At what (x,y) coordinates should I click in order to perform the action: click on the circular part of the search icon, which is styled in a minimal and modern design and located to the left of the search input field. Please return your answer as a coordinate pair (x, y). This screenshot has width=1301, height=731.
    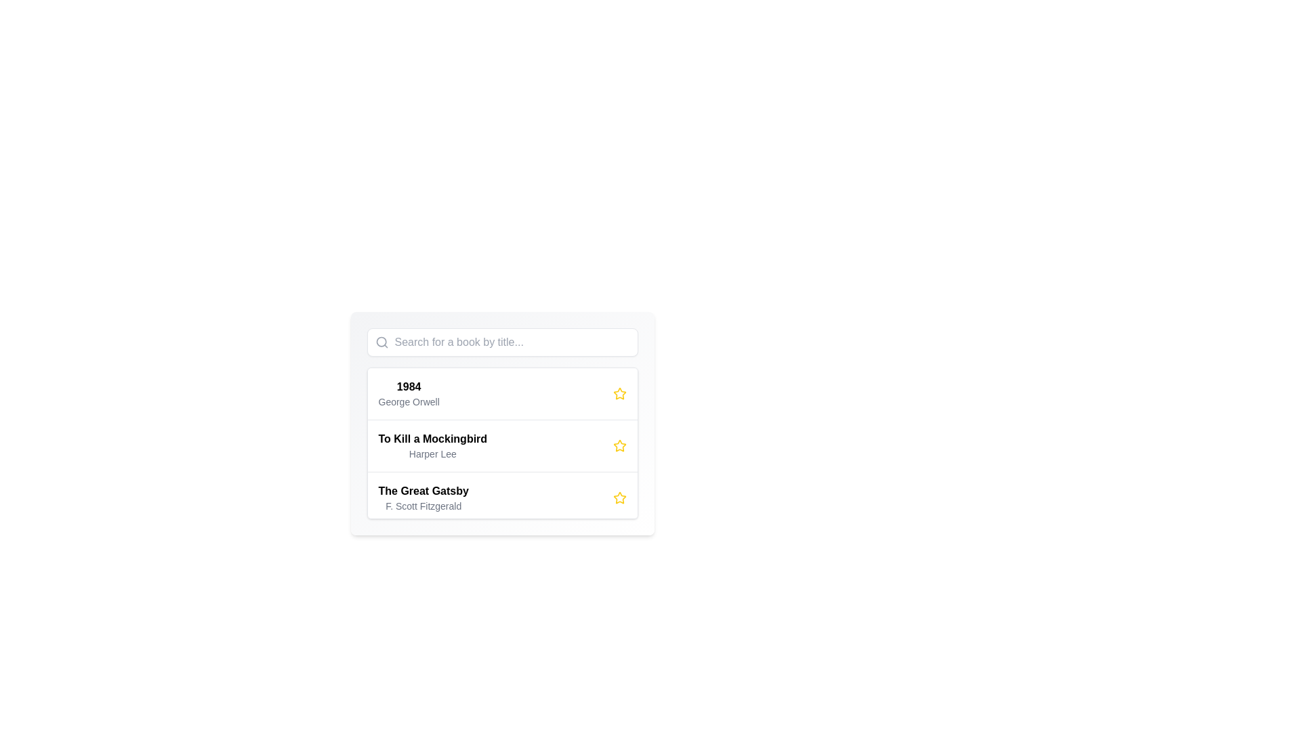
    Looking at the image, I should click on (380, 341).